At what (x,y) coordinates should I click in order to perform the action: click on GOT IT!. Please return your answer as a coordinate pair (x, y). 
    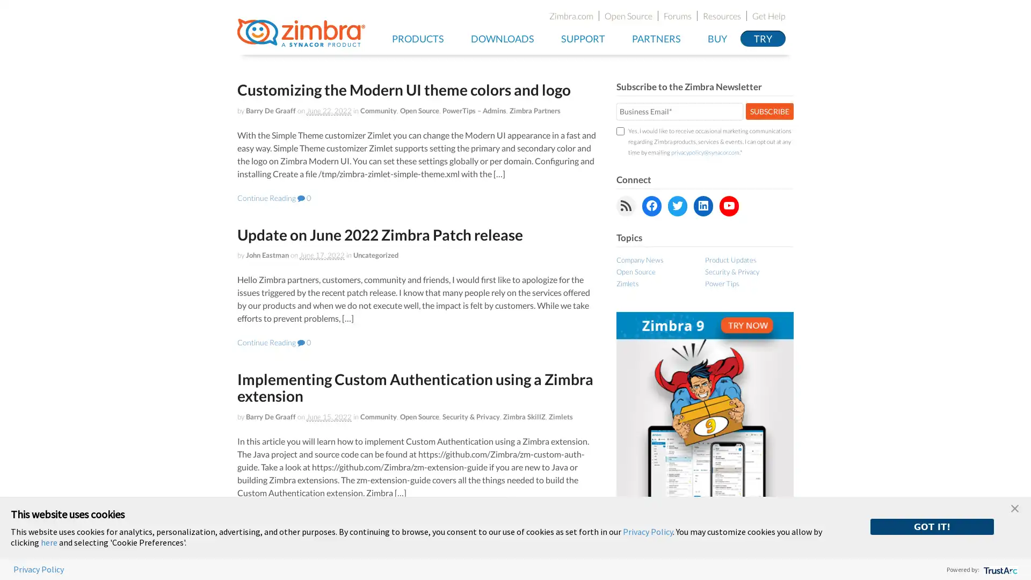
    Looking at the image, I should click on (932, 526).